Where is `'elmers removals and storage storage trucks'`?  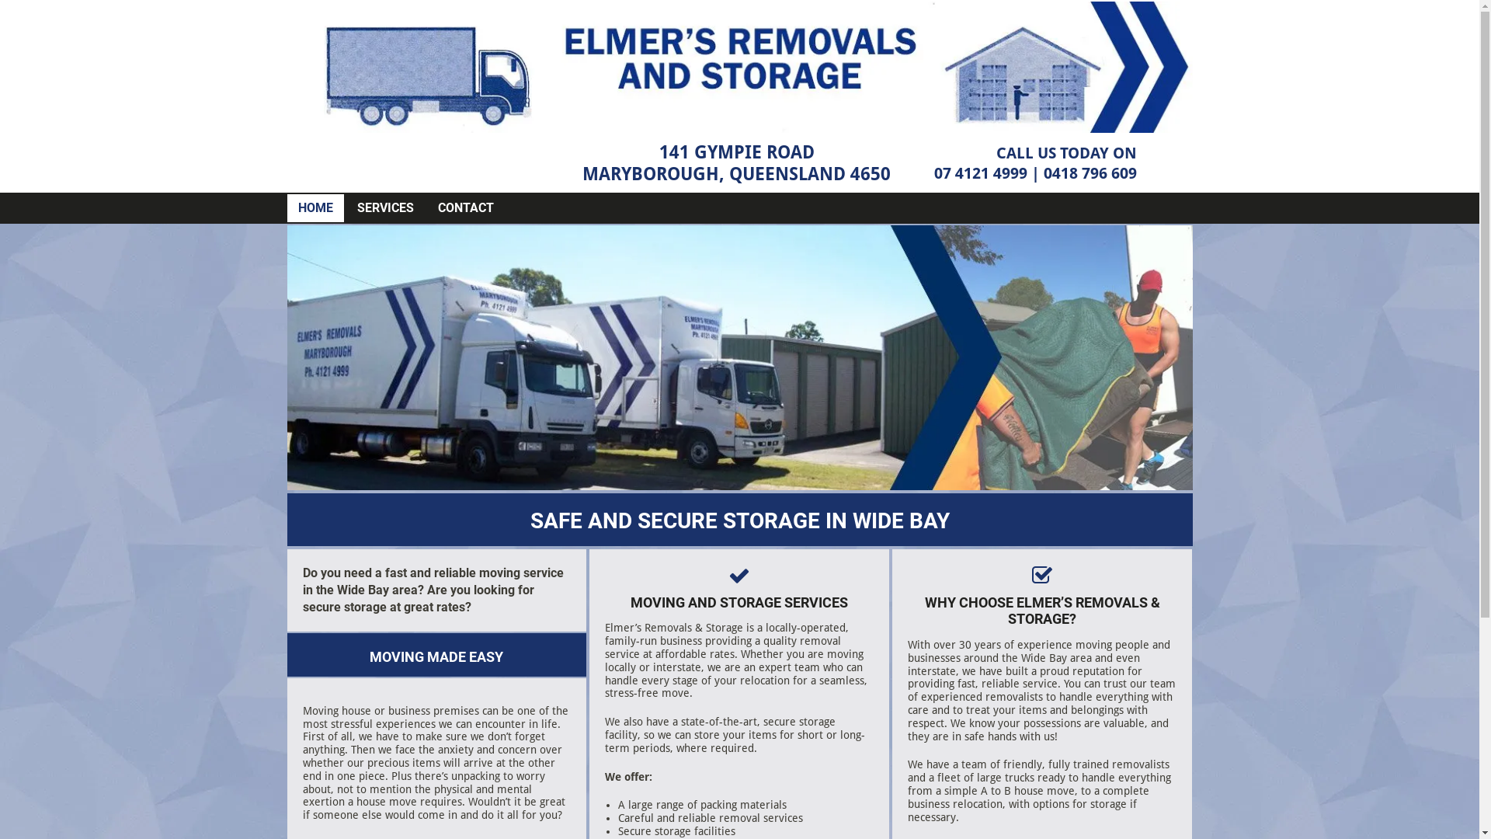 'elmers removals and storage storage trucks' is located at coordinates (739, 357).